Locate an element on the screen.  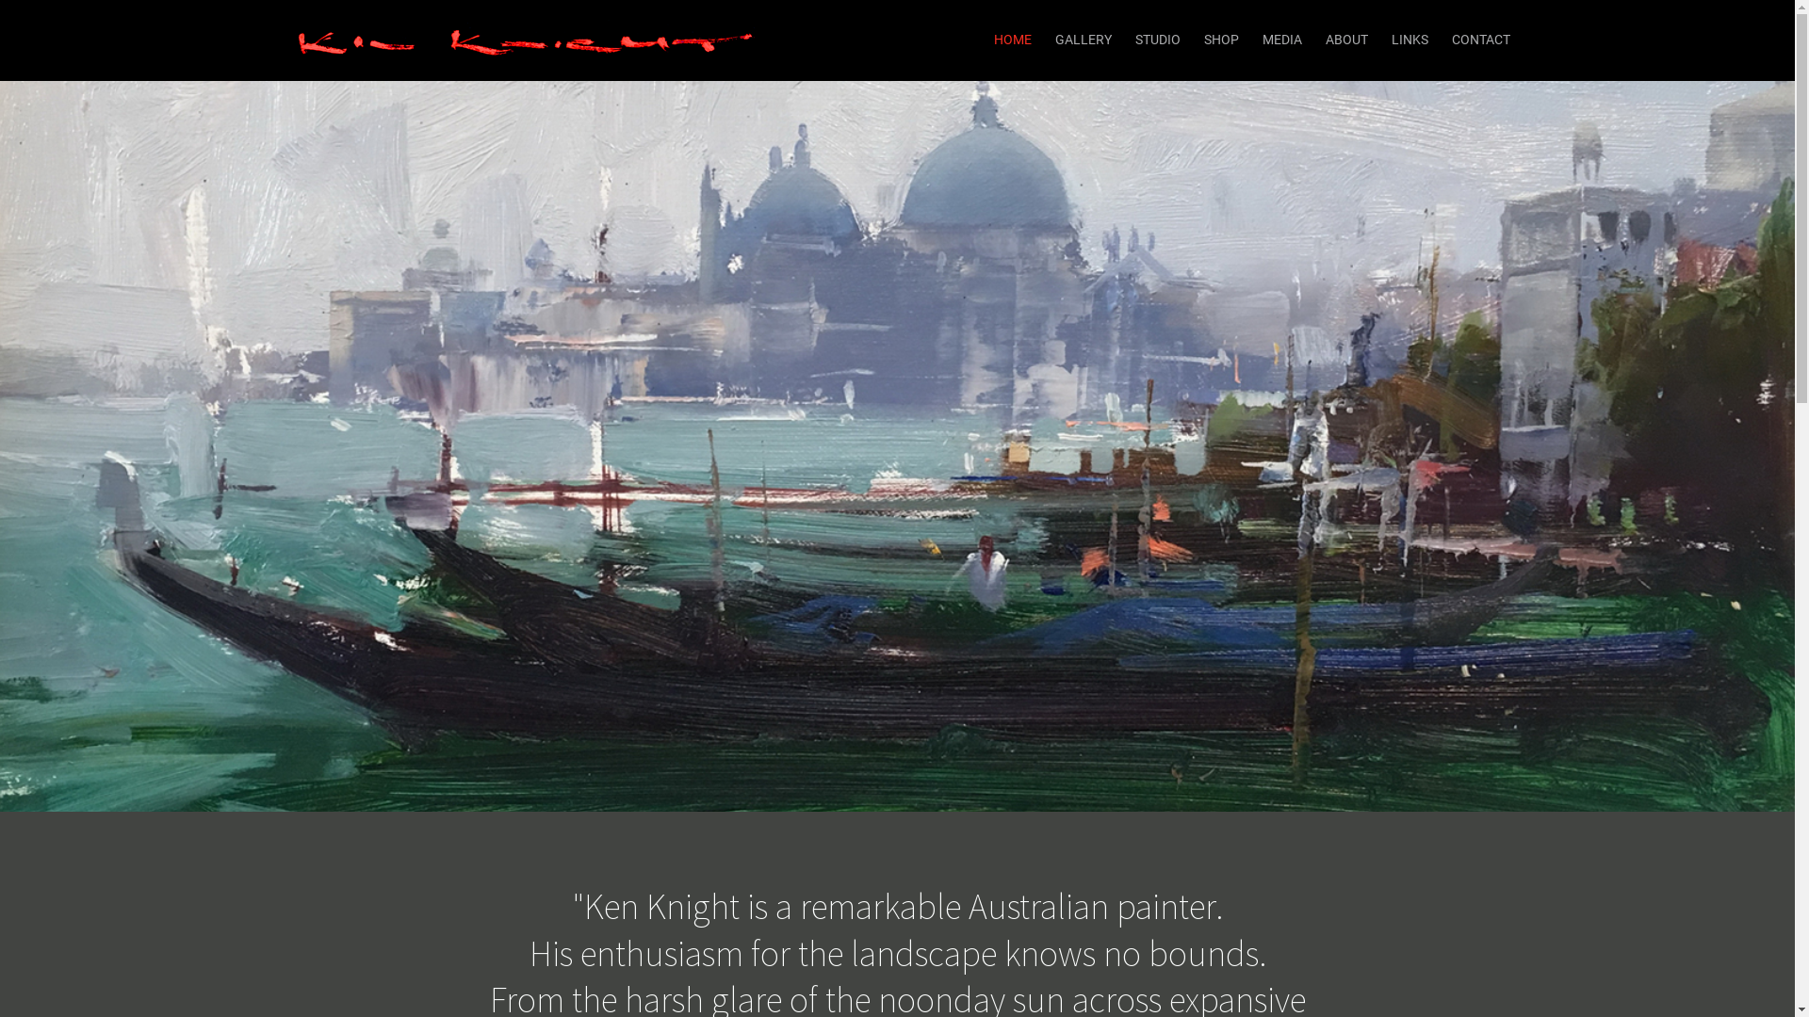
'LINKS' is located at coordinates (1391, 40).